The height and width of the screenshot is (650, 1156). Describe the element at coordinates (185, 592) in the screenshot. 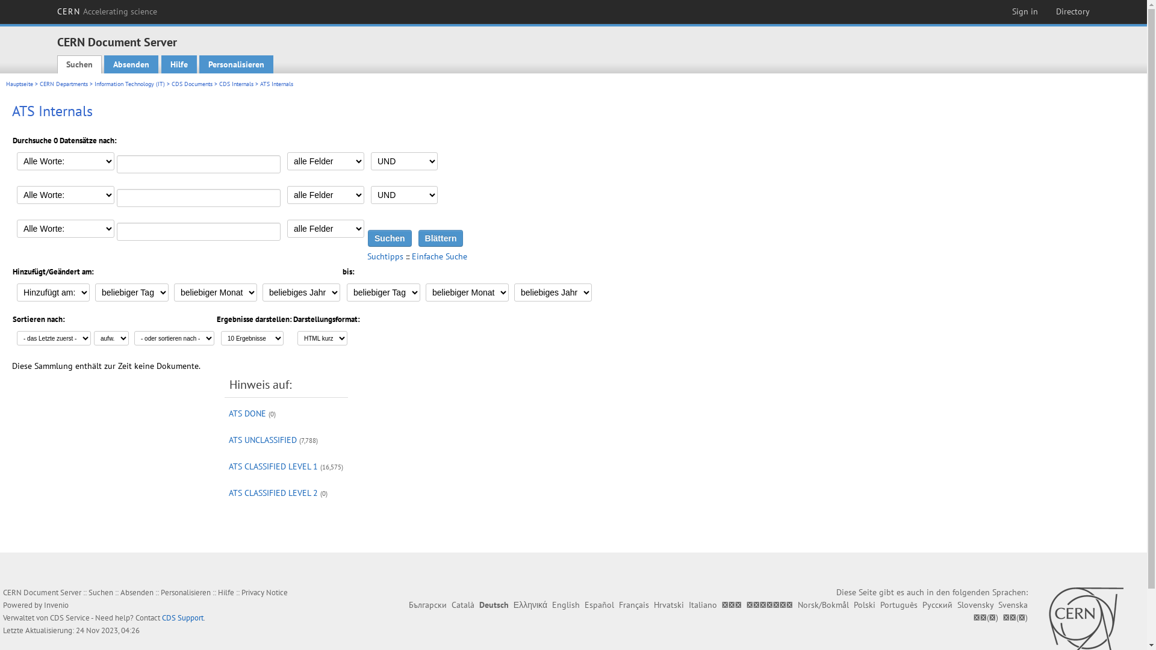

I see `'Personalisieren'` at that location.